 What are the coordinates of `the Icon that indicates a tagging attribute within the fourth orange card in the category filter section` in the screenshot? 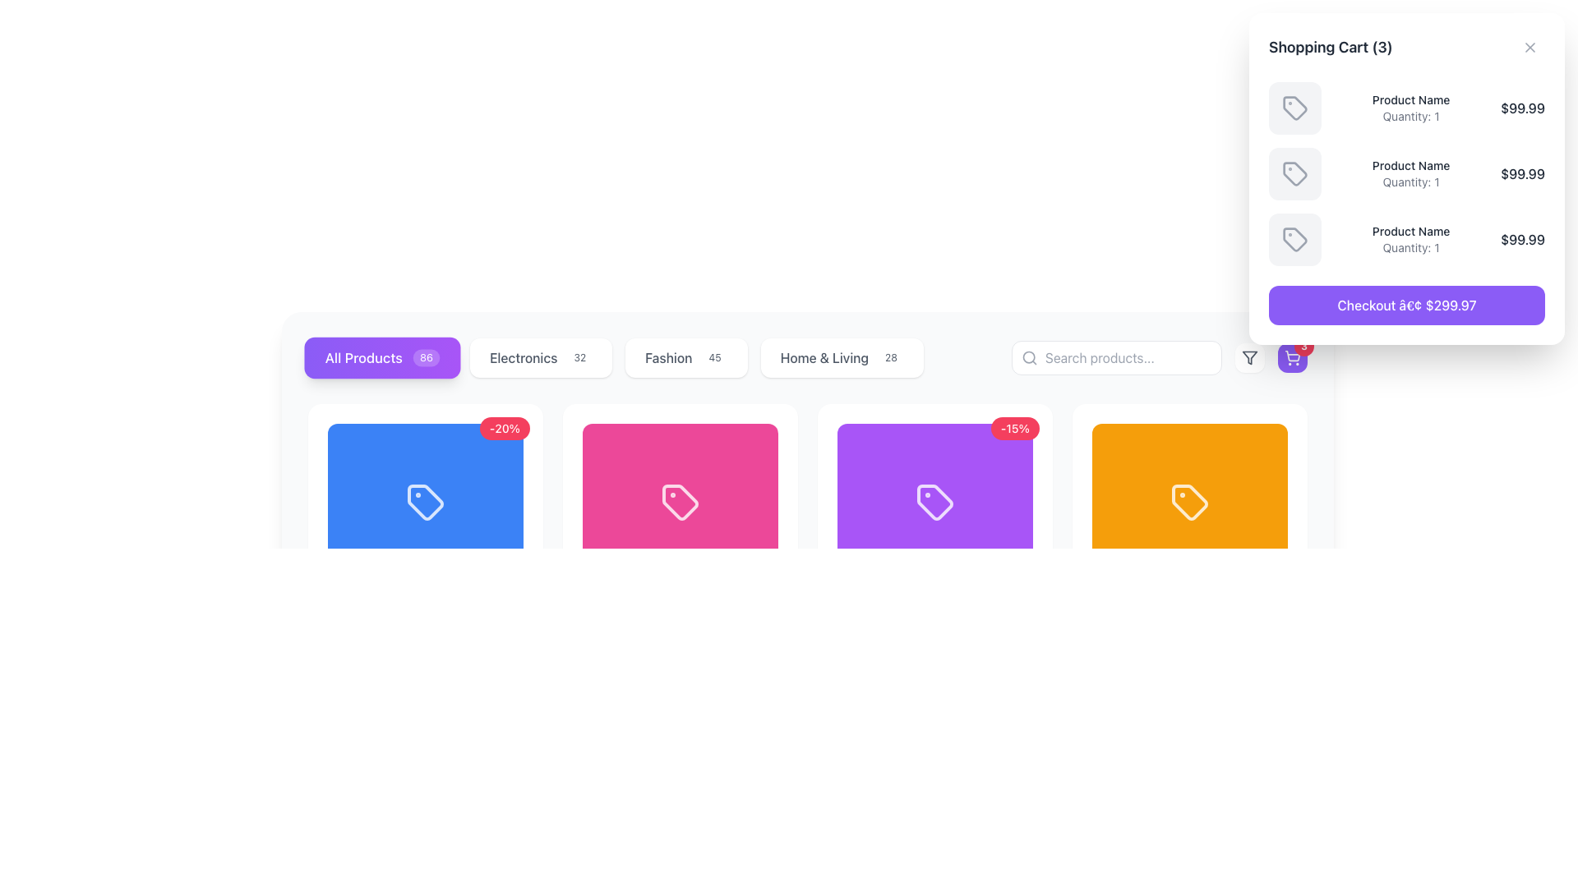 It's located at (1190, 502).